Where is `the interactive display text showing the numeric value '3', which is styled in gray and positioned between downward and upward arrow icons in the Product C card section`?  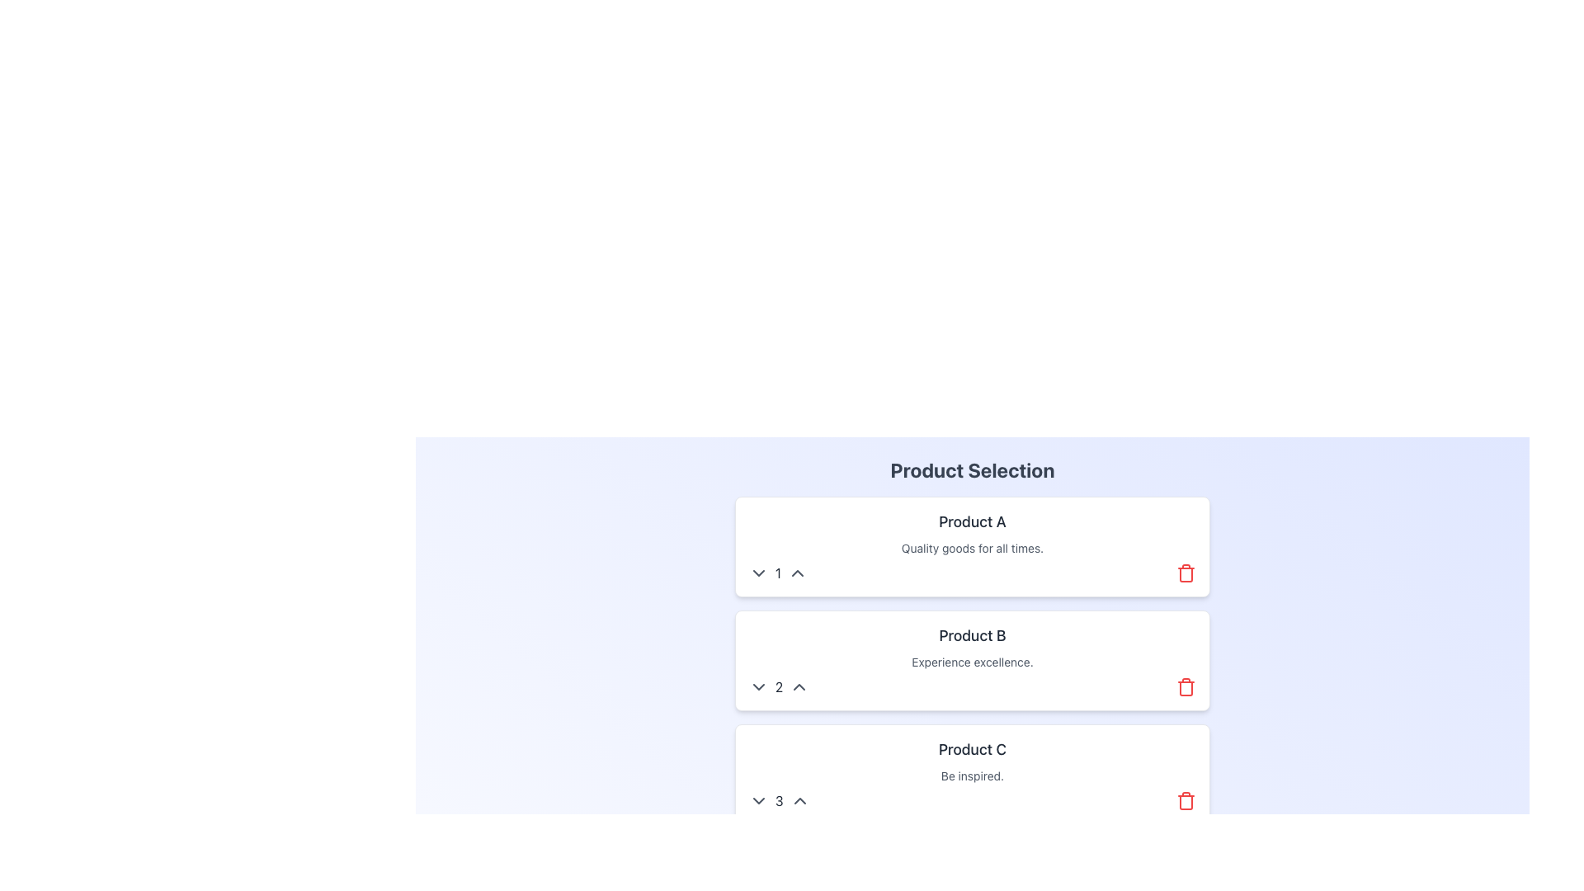 the interactive display text showing the numeric value '3', which is styled in gray and positioned between downward and upward arrow icons in the Product C card section is located at coordinates (778, 800).